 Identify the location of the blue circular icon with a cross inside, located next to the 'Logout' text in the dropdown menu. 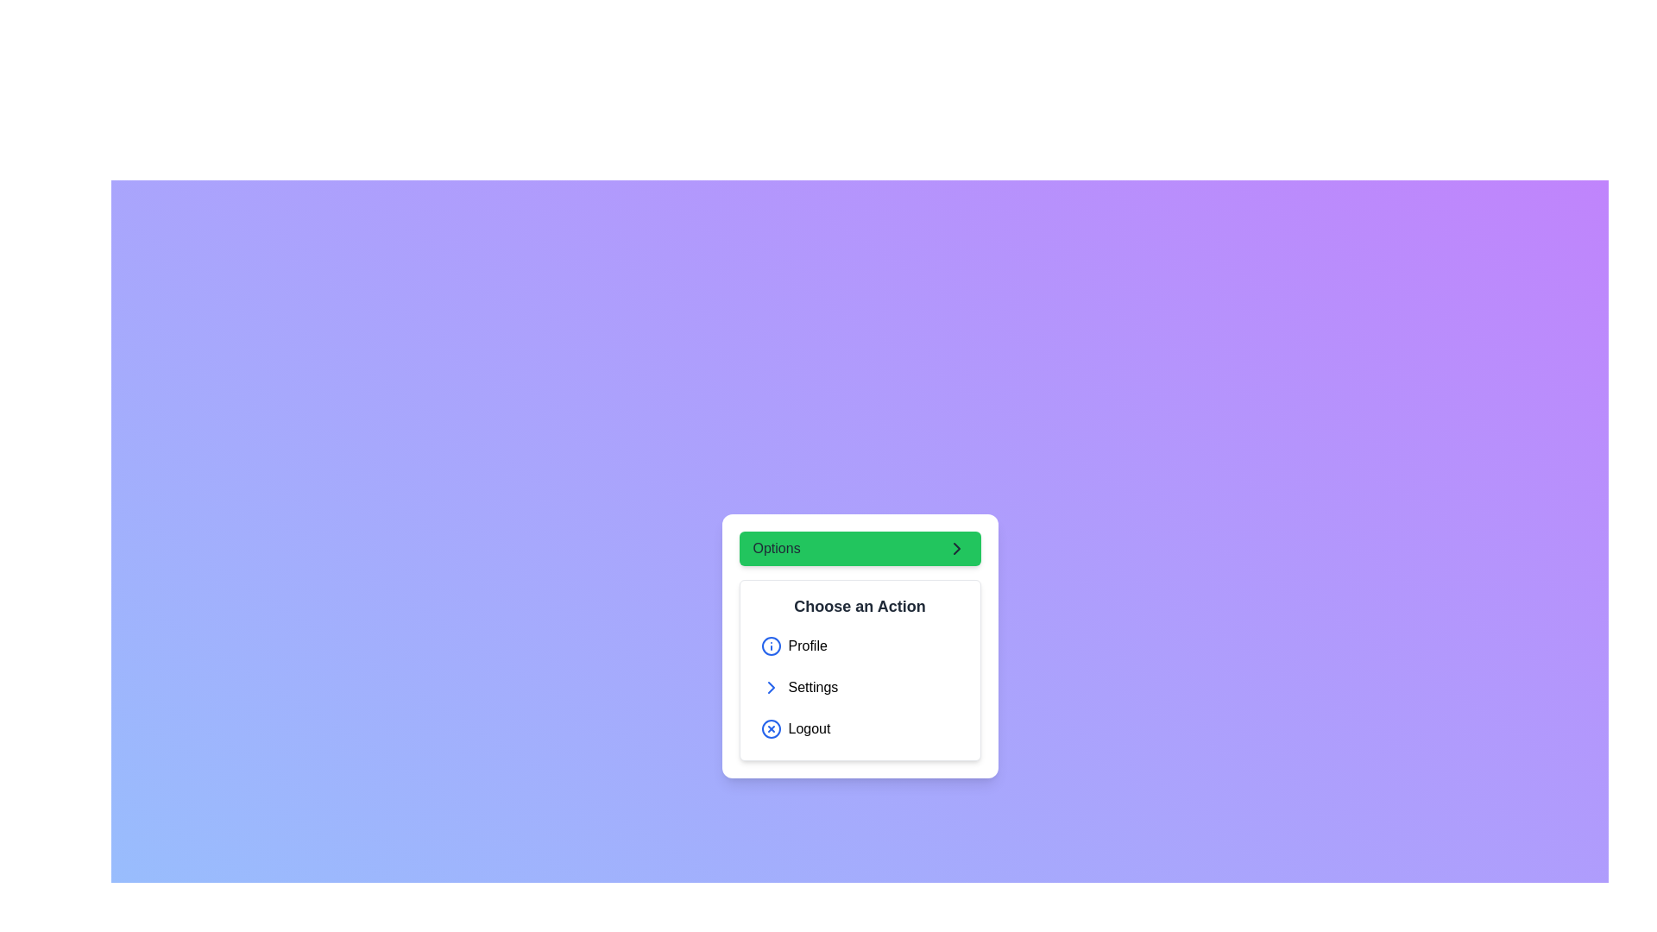
(770, 728).